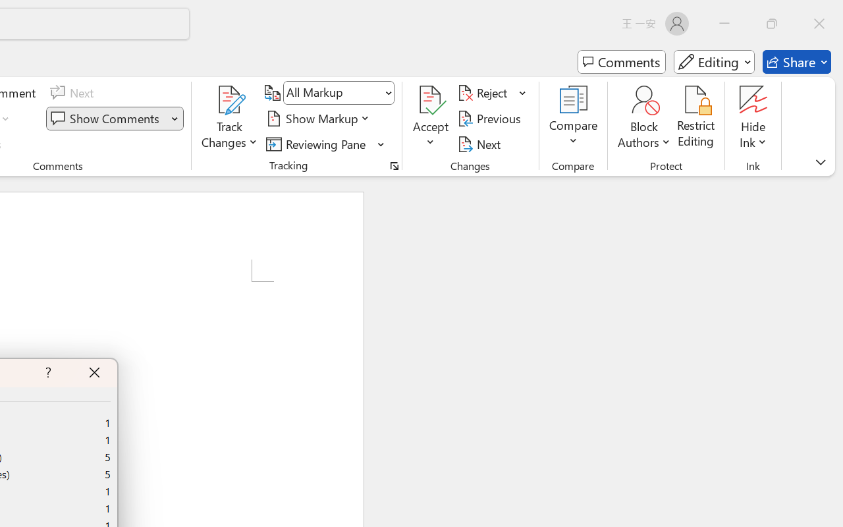  What do you see at coordinates (643, 99) in the screenshot?
I see `'Block Authors'` at bounding box center [643, 99].